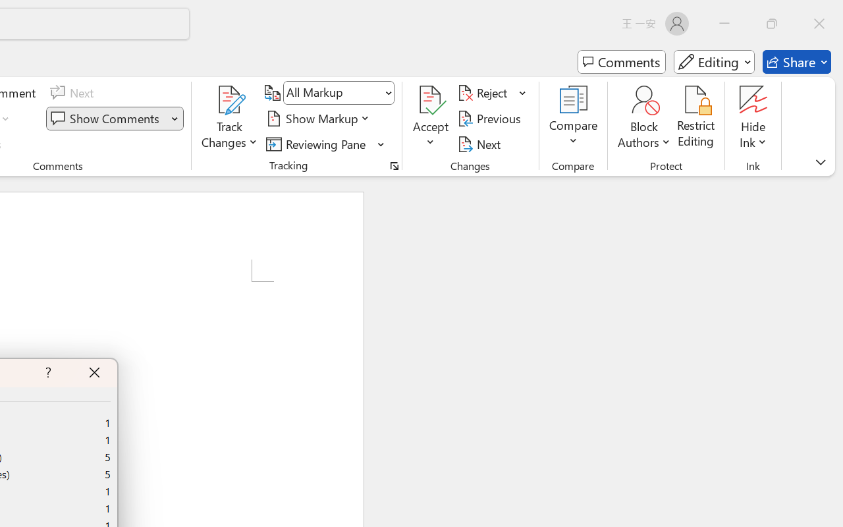  What do you see at coordinates (643, 99) in the screenshot?
I see `'Block Authors'` at bounding box center [643, 99].